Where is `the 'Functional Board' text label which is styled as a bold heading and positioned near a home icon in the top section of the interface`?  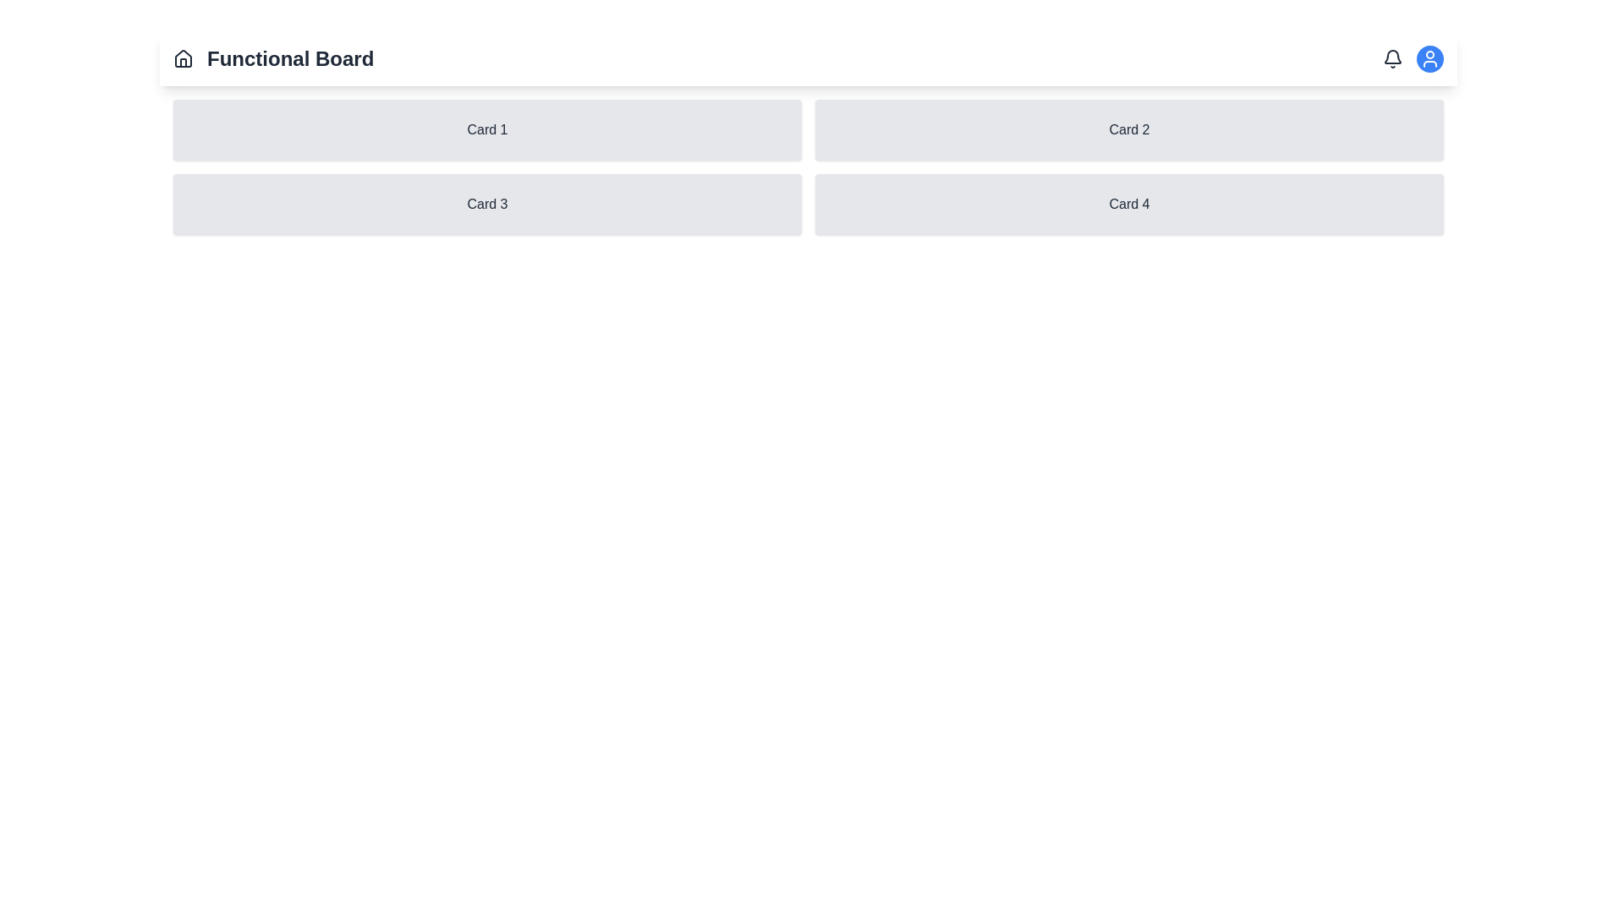
the 'Functional Board' text label which is styled as a bold heading and positioned near a home icon in the top section of the interface is located at coordinates (290, 57).